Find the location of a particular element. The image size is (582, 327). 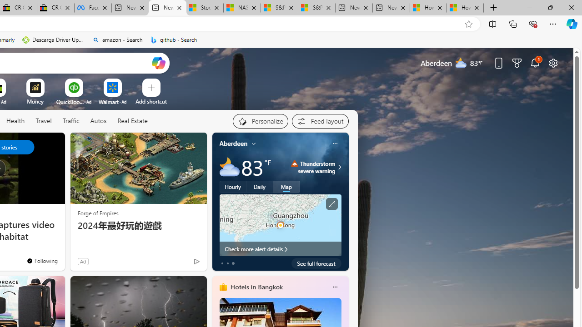

'You' is located at coordinates (41, 260).